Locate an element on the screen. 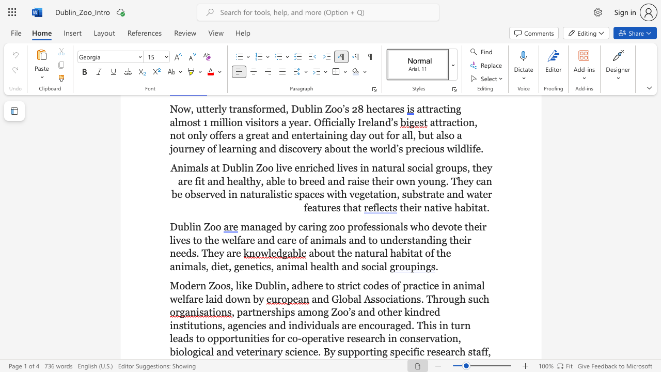 This screenshot has width=661, height=372. the subset text "bitat of the ani" within the text "about the natural habitat of the animals," is located at coordinates (401, 253).